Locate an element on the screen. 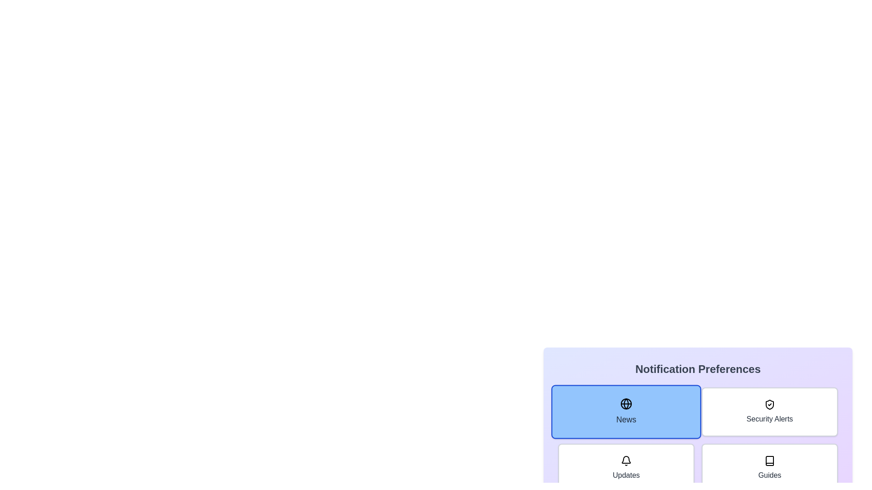  the 'News' button to toggle its notification preference is located at coordinates (625, 412).